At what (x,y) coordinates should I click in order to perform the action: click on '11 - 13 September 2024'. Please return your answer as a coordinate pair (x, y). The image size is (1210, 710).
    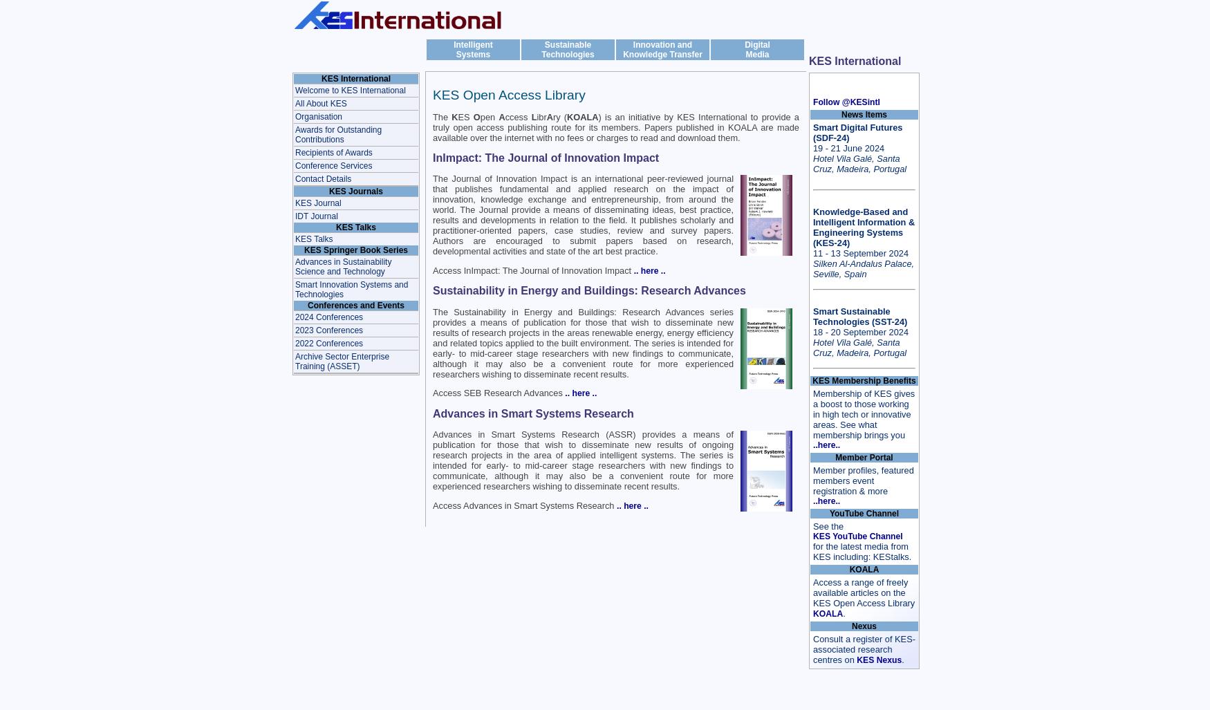
    Looking at the image, I should click on (860, 252).